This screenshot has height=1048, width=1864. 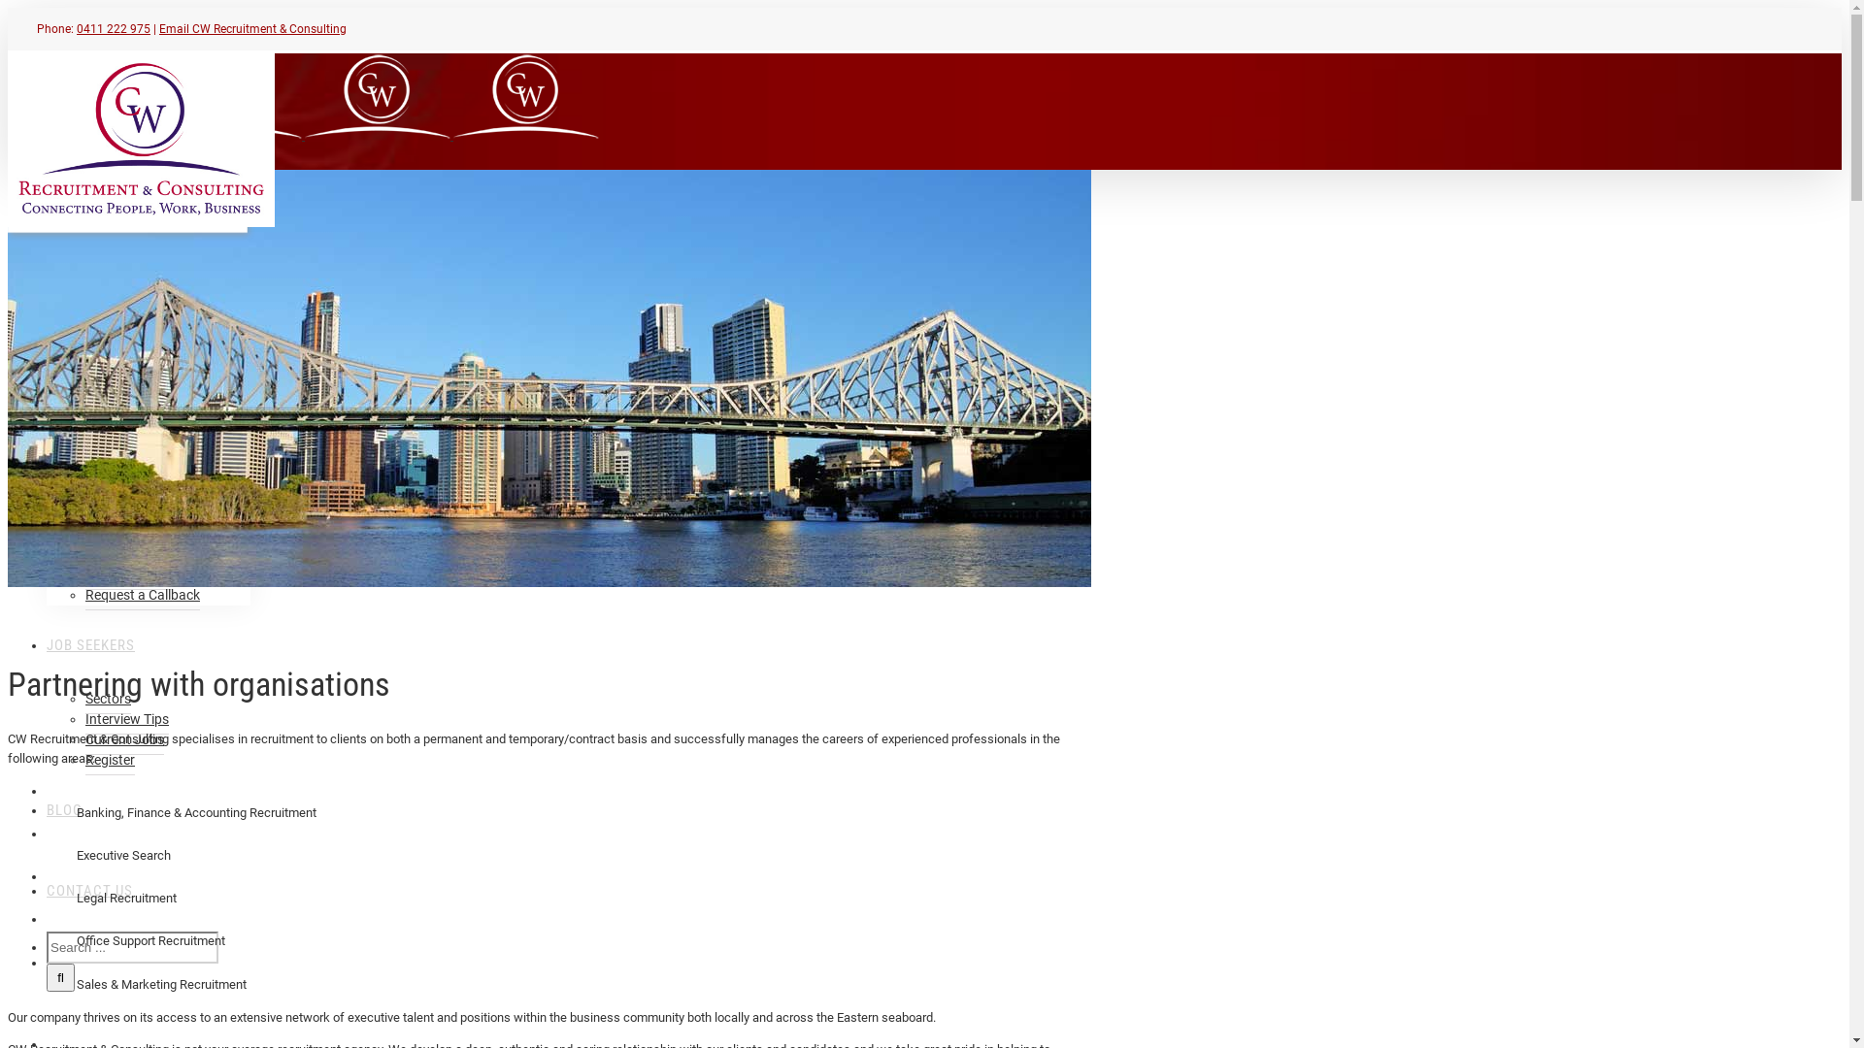 What do you see at coordinates (123, 739) in the screenshot?
I see `'Current Jobs'` at bounding box center [123, 739].